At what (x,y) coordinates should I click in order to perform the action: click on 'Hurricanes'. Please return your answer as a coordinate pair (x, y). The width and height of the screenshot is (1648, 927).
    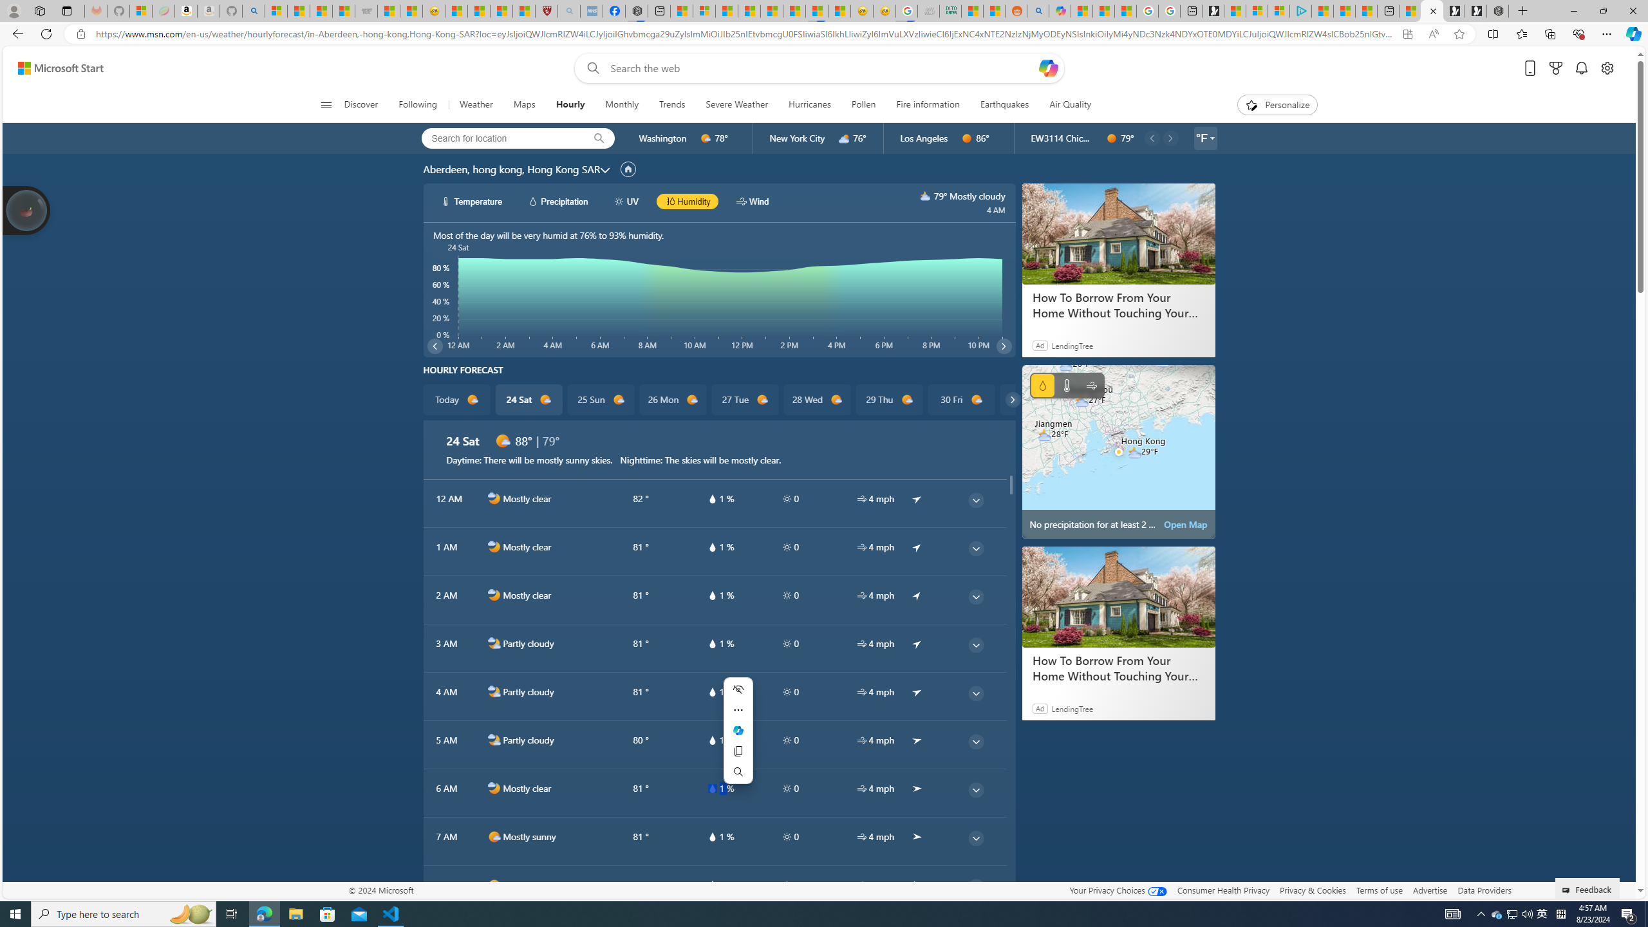
    Looking at the image, I should click on (809, 104).